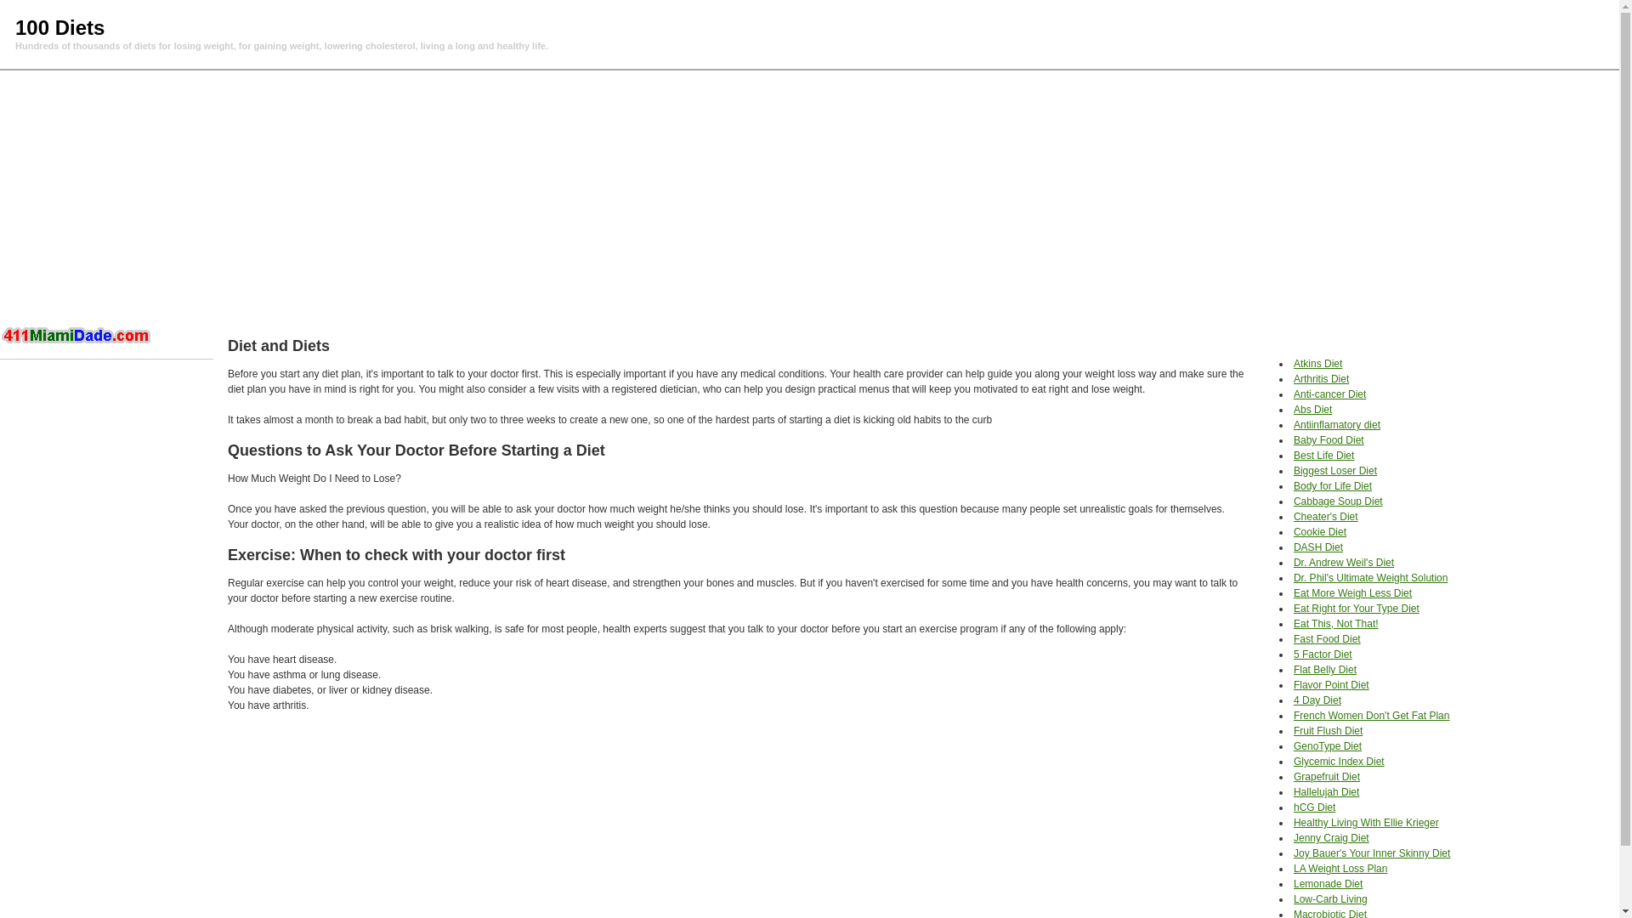 The width and height of the screenshot is (1632, 918). I want to click on 'DASH Diet', so click(1317, 547).